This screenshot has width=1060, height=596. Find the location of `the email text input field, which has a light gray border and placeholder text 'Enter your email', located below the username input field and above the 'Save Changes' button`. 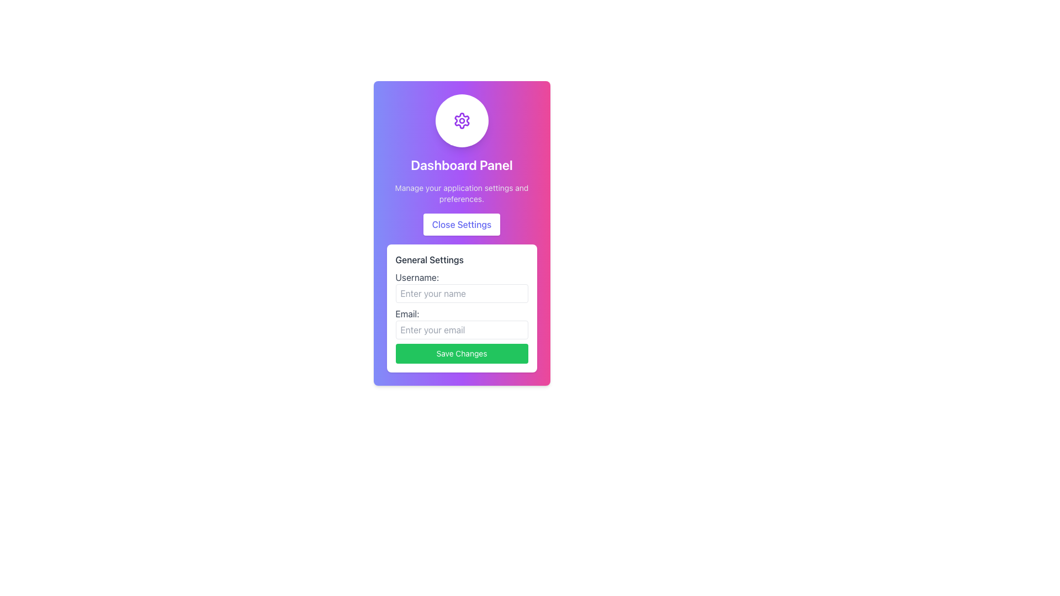

the email text input field, which has a light gray border and placeholder text 'Enter your email', located below the username input field and above the 'Save Changes' button is located at coordinates (462, 329).